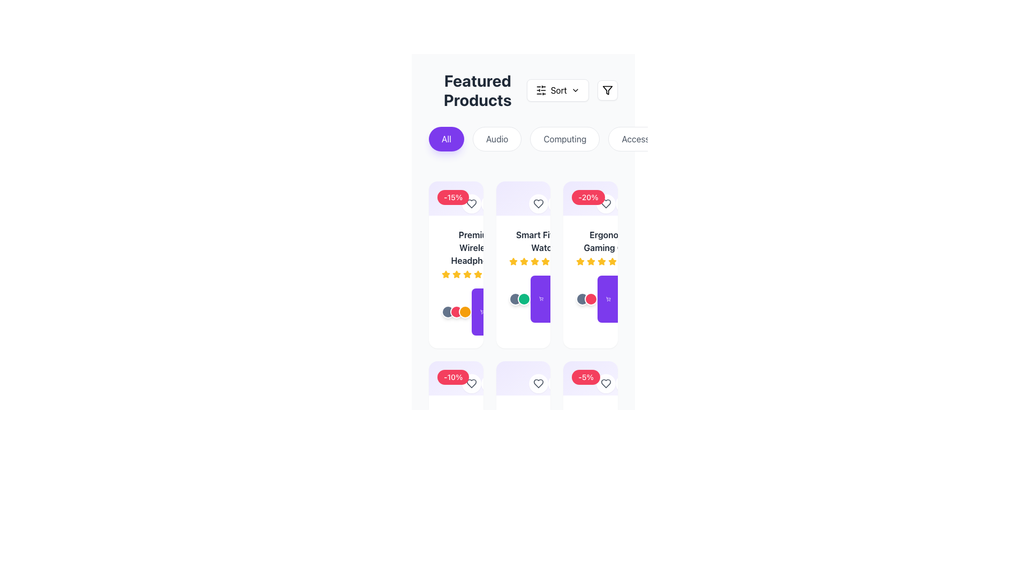 This screenshot has height=578, width=1028. I want to click on the third star icon in the 5-star rating system located below the product title to identify its position within the rating, so click(591, 262).